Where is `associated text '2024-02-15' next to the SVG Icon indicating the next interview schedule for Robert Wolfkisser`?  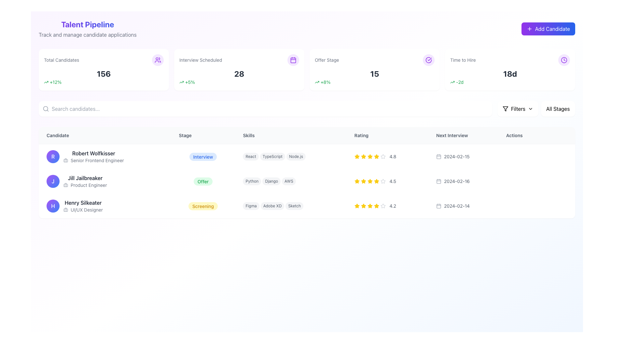 associated text '2024-02-15' next to the SVG Icon indicating the next interview schedule for Robert Wolfkisser is located at coordinates (439, 157).